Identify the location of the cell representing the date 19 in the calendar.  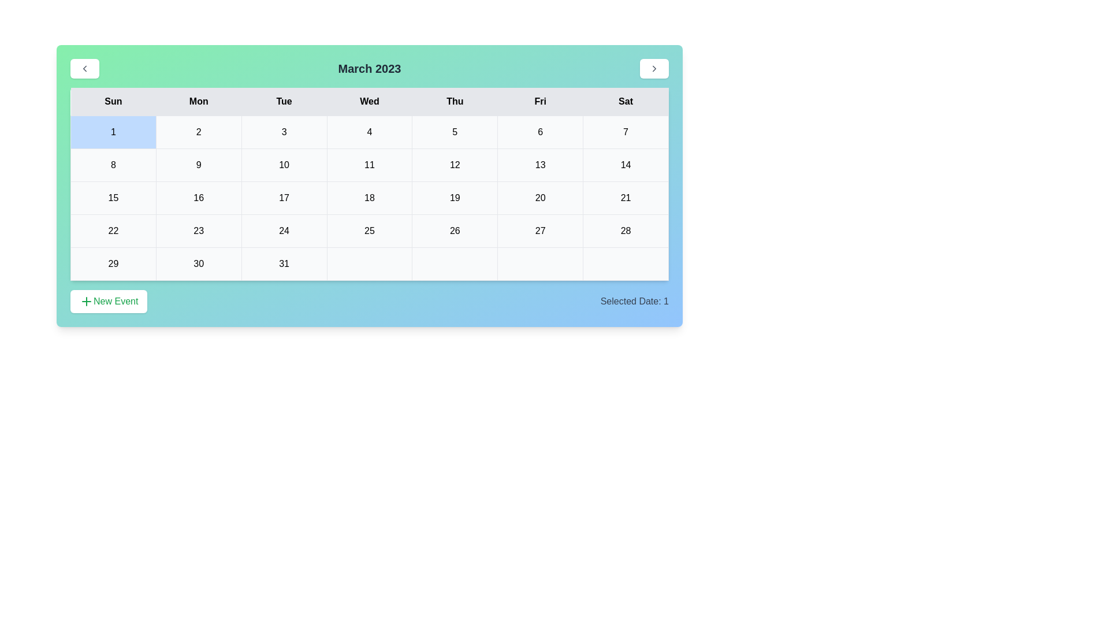
(454, 198).